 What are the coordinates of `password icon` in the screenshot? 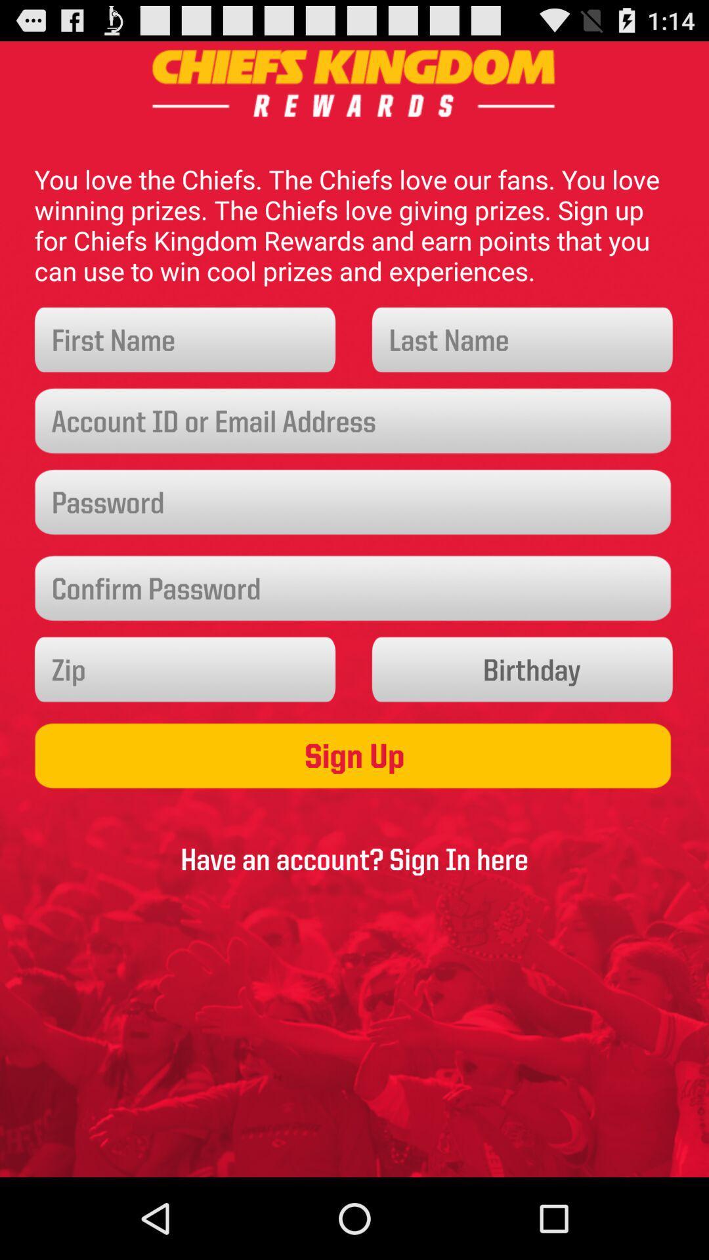 It's located at (354, 501).